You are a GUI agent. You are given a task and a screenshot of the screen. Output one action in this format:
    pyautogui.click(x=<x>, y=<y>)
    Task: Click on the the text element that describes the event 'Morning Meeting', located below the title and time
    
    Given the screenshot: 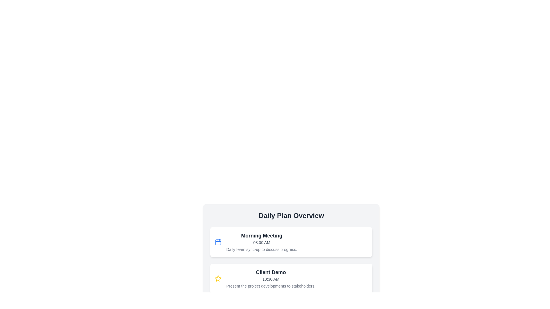 What is the action you would take?
    pyautogui.click(x=261, y=249)
    